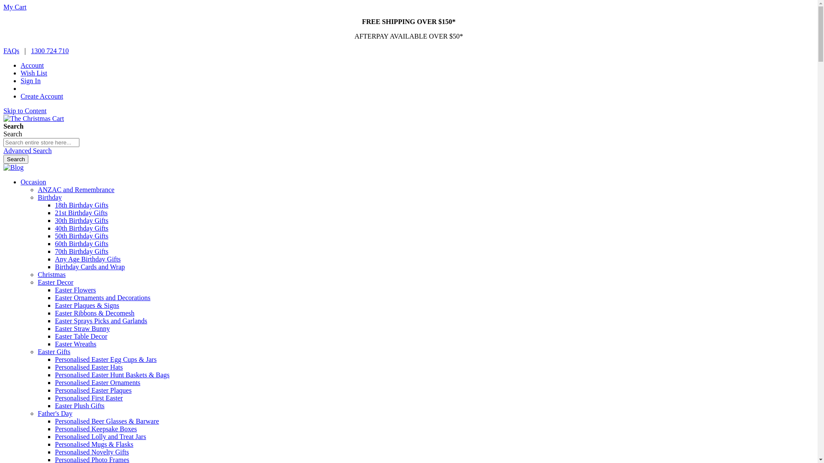  What do you see at coordinates (11, 51) in the screenshot?
I see `'FAQs'` at bounding box center [11, 51].